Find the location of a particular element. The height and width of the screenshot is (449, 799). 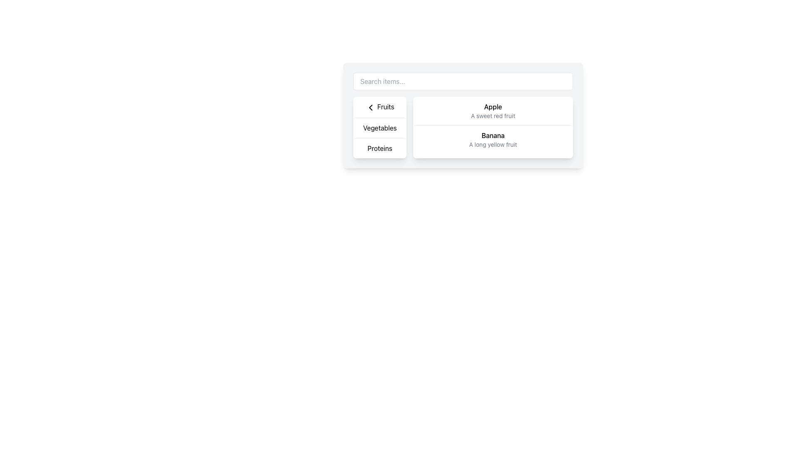

the first list item representing 'Apple' with the description 'A sweet red fruit' is located at coordinates (493, 110).